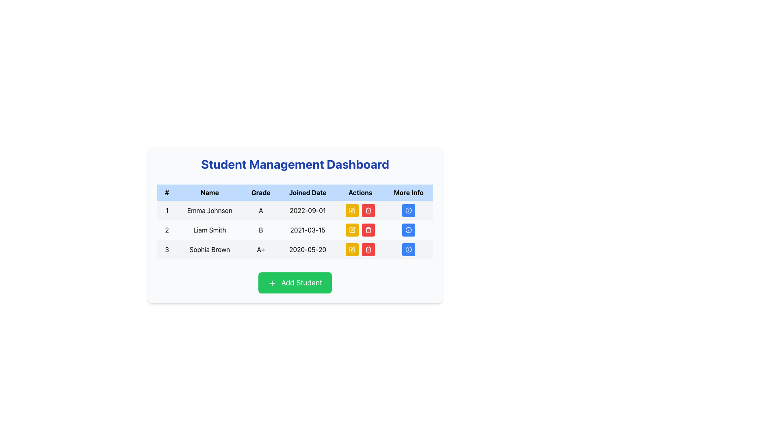 The height and width of the screenshot is (439, 780). Describe the element at coordinates (368, 230) in the screenshot. I see `the trash can icon with a red background in the 'Actions' column of the second row to initiate a delete action for the individual named 'Liam Smith.'` at that location.